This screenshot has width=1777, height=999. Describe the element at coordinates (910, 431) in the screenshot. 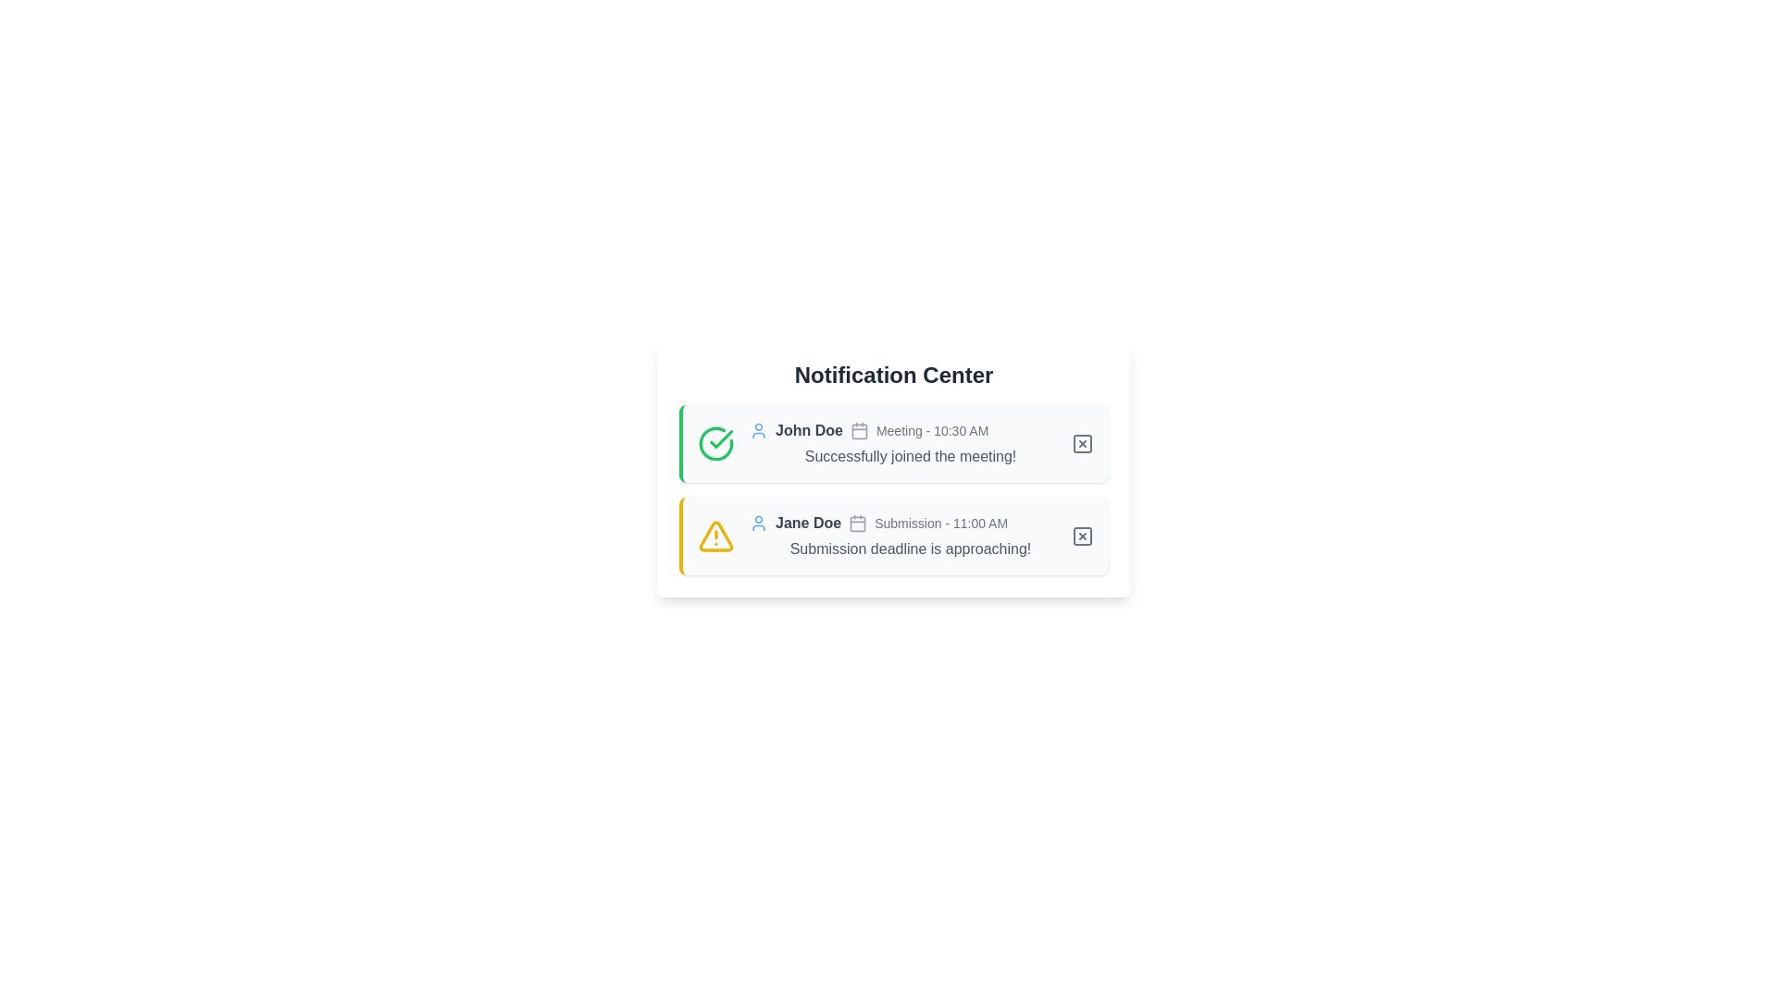

I see `the centrally located Text element that provides information about a scheduled event, which includes the user name and meeting time` at that location.